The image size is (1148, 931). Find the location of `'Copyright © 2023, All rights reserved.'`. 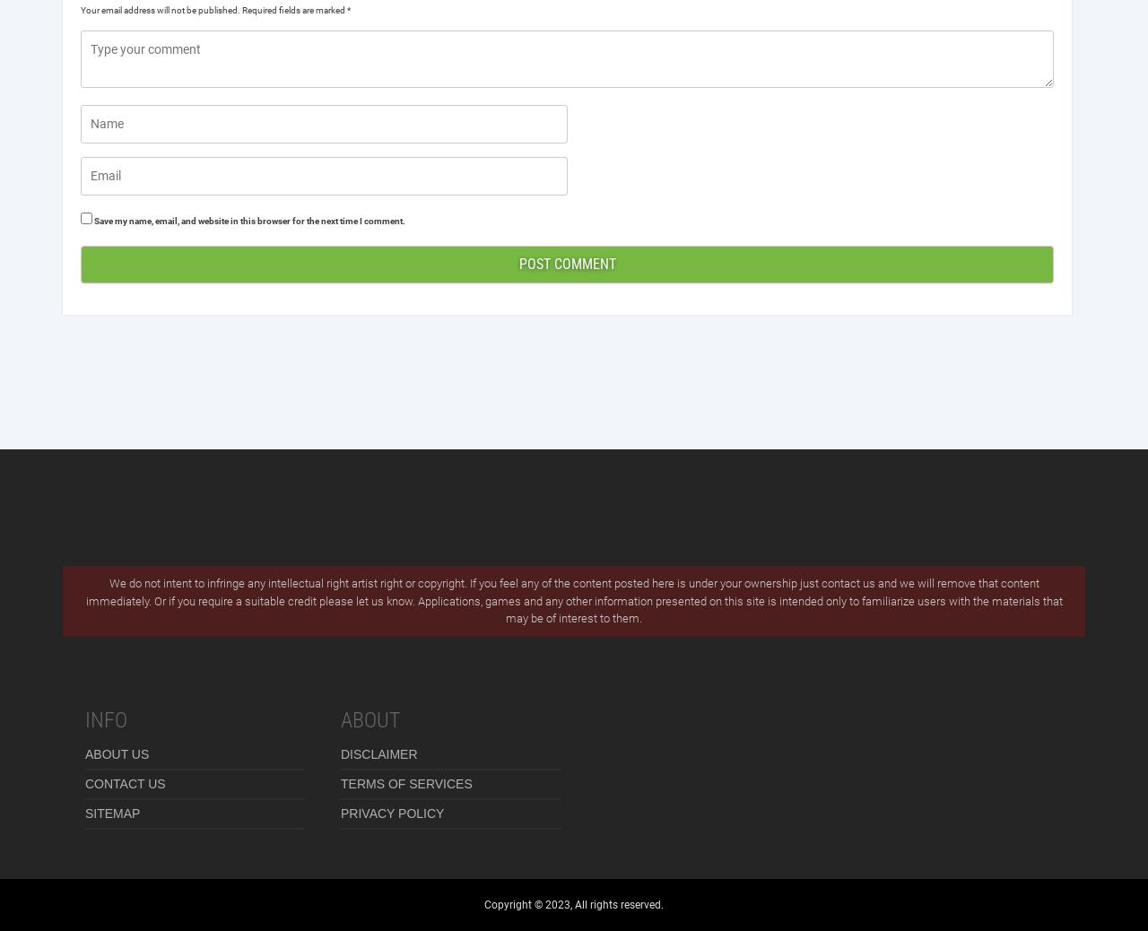

'Copyright © 2023, All rights reserved.' is located at coordinates (574, 905).